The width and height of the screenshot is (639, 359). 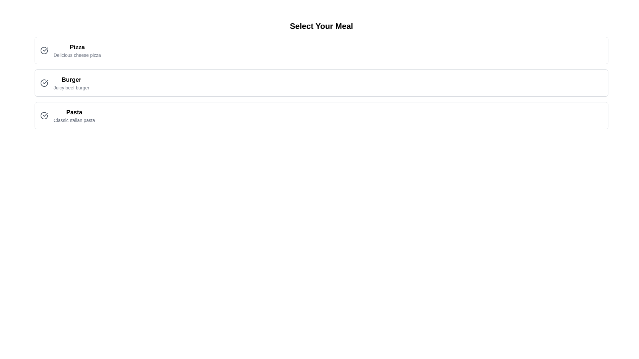 What do you see at coordinates (71, 87) in the screenshot?
I see `the static text label that reads 'Juicy beef burger', which is styled in gray and located below the bold title 'Burger' in the selection menu` at bounding box center [71, 87].